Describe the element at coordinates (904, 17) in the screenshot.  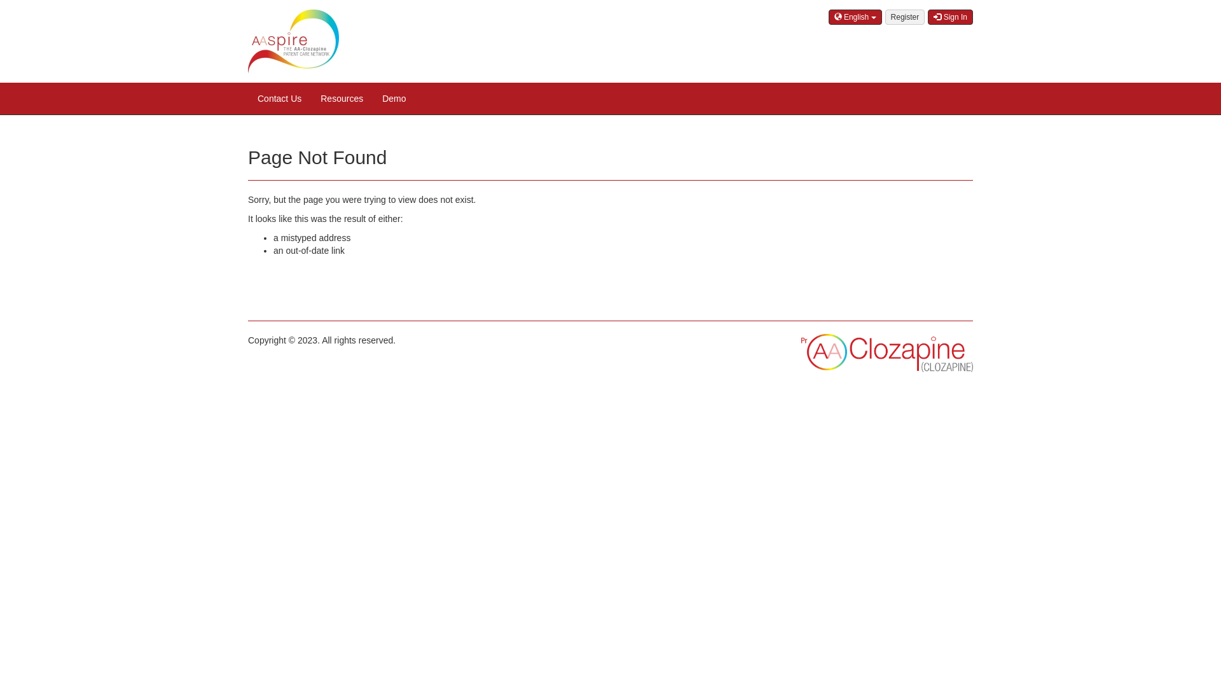
I see `'Register'` at that location.